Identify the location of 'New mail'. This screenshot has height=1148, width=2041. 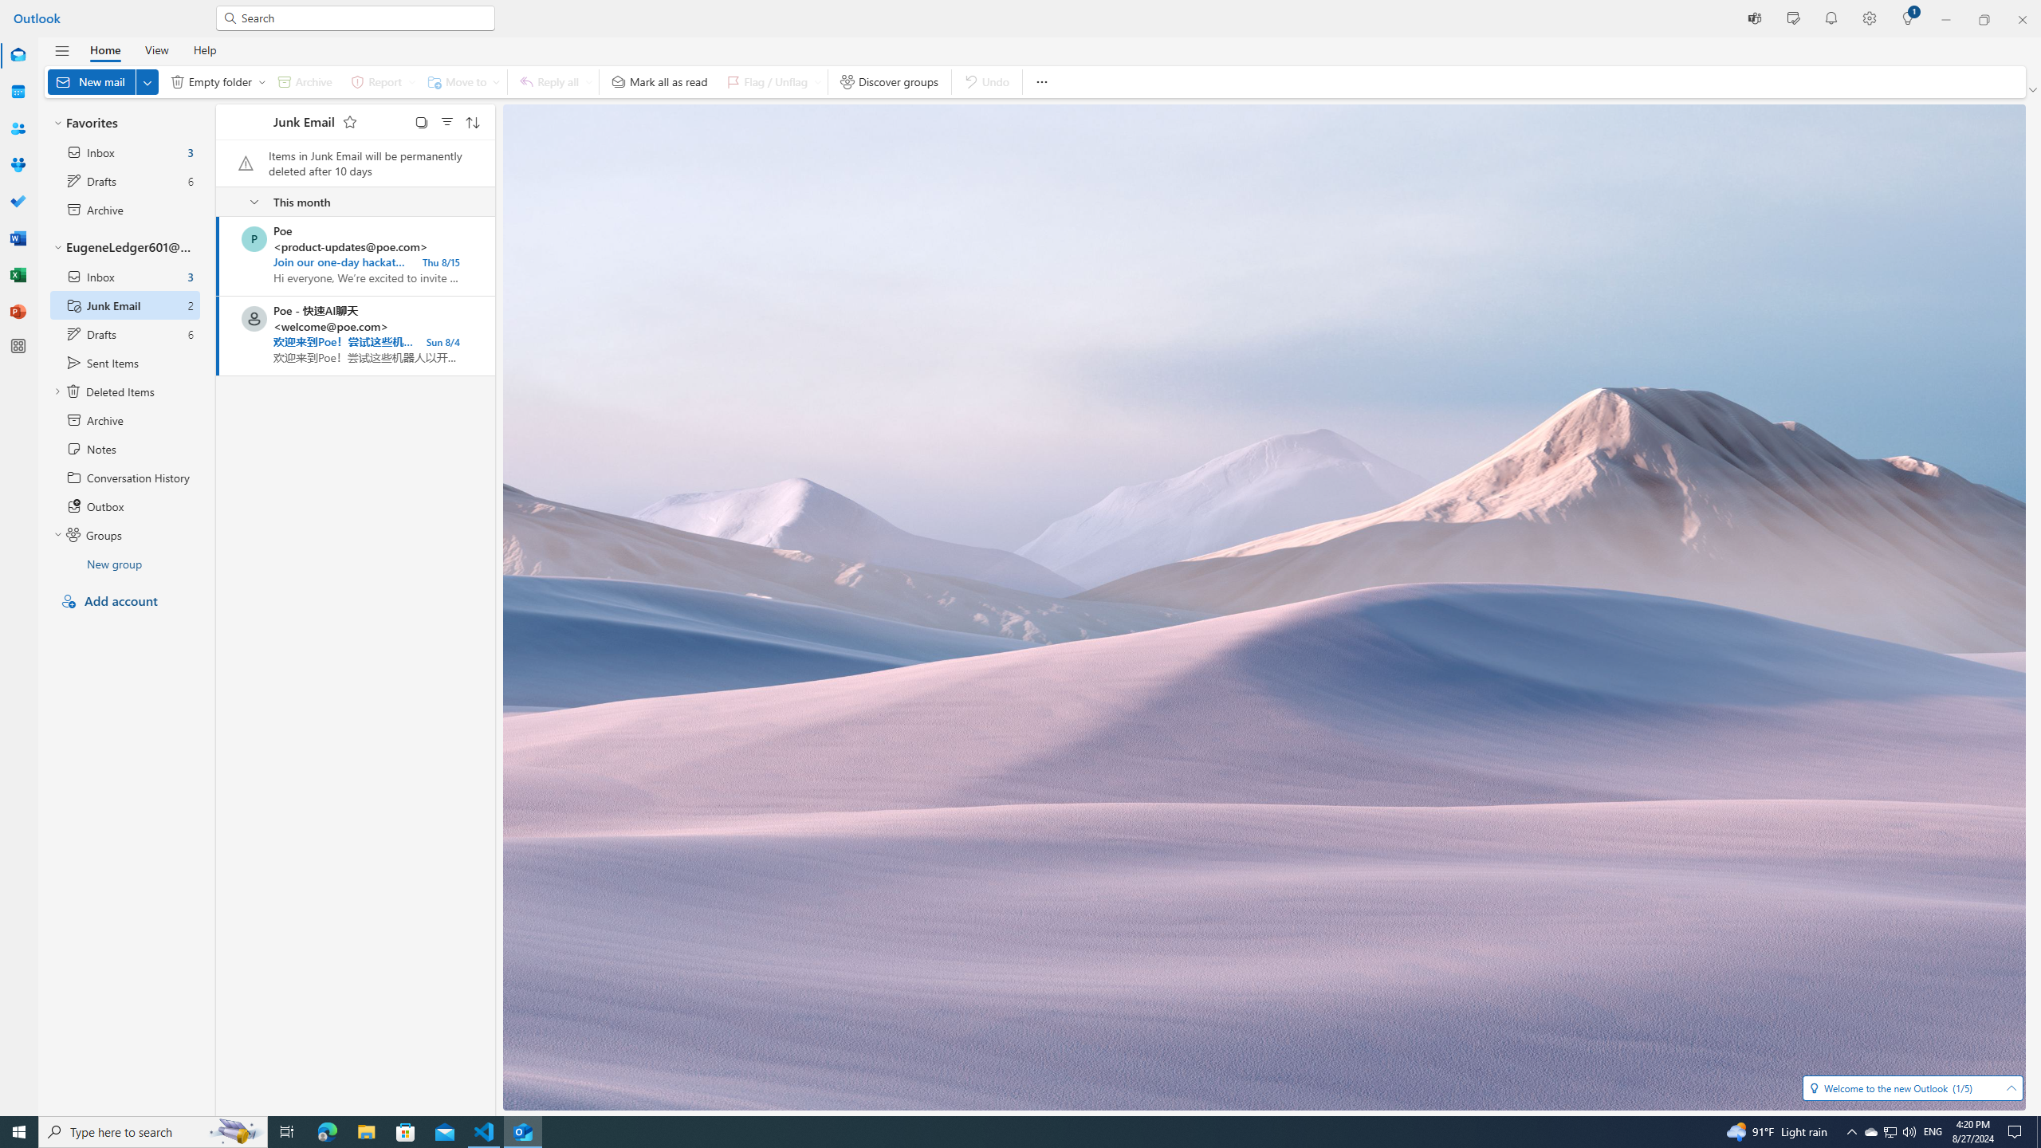
(103, 81).